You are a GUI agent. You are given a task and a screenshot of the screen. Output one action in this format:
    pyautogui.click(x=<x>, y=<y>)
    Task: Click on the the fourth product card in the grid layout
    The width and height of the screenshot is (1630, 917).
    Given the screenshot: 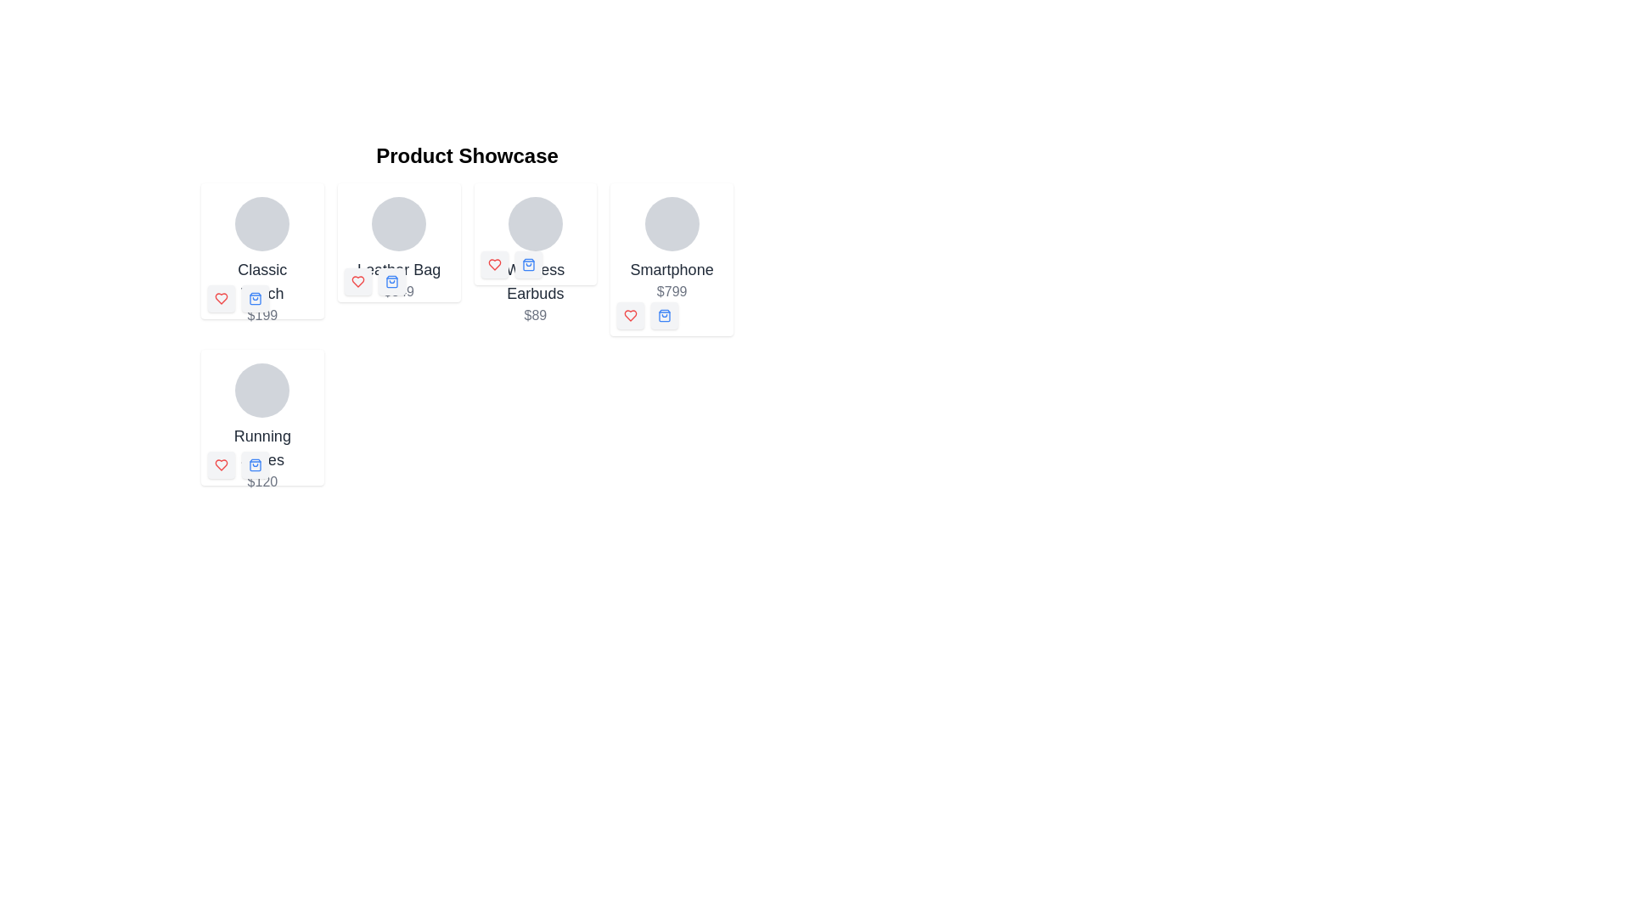 What is the action you would take?
    pyautogui.click(x=261, y=427)
    